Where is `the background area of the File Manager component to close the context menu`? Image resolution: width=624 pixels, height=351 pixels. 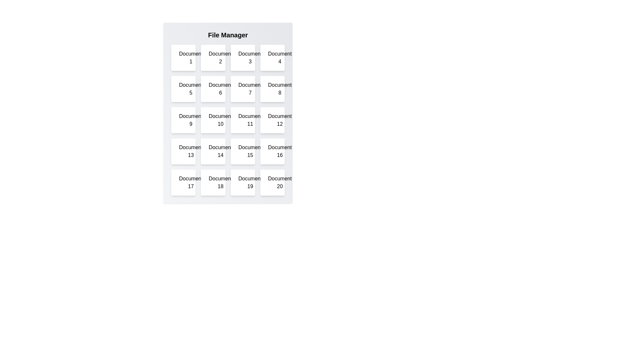 the background area of the File Manager component to close the context menu is located at coordinates (227, 16).